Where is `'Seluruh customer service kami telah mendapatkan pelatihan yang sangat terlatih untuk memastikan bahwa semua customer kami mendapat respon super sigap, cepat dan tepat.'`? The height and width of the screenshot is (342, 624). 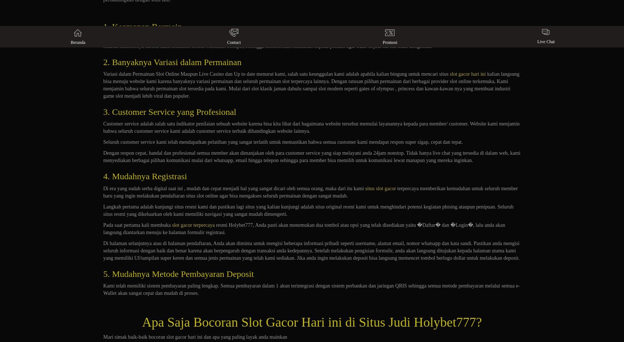 'Seluruh customer service kami telah mendapatkan pelatihan yang sangat terlatih untuk memastikan bahwa semua customer kami mendapat respon super sigap, cepat dan tepat.' is located at coordinates (282, 142).